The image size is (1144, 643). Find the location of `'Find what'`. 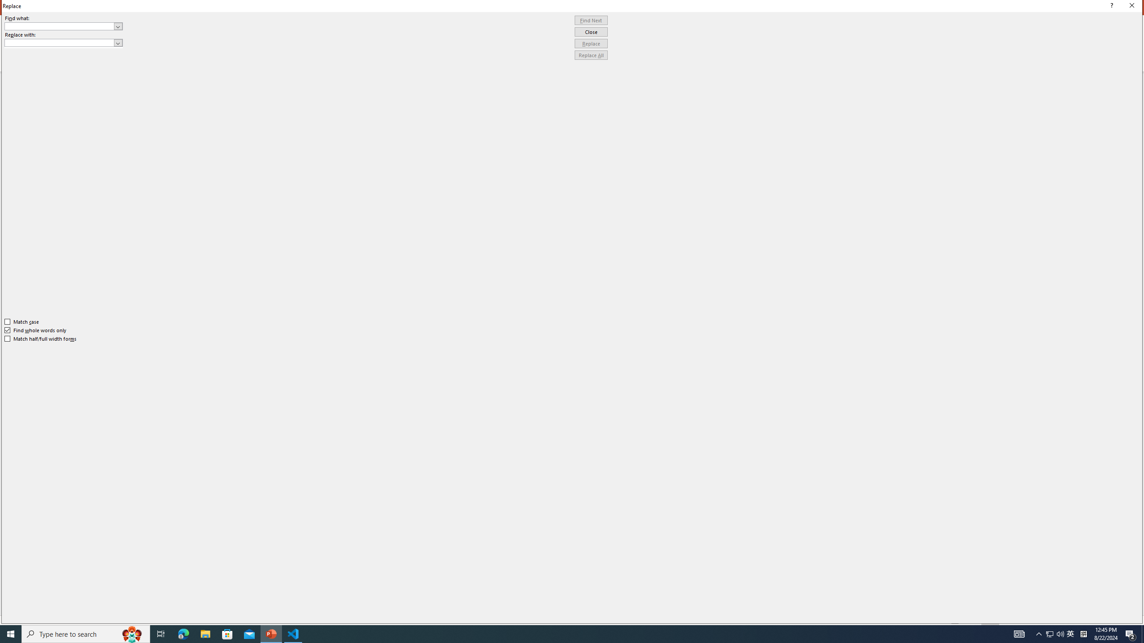

'Find what' is located at coordinates (59, 26).